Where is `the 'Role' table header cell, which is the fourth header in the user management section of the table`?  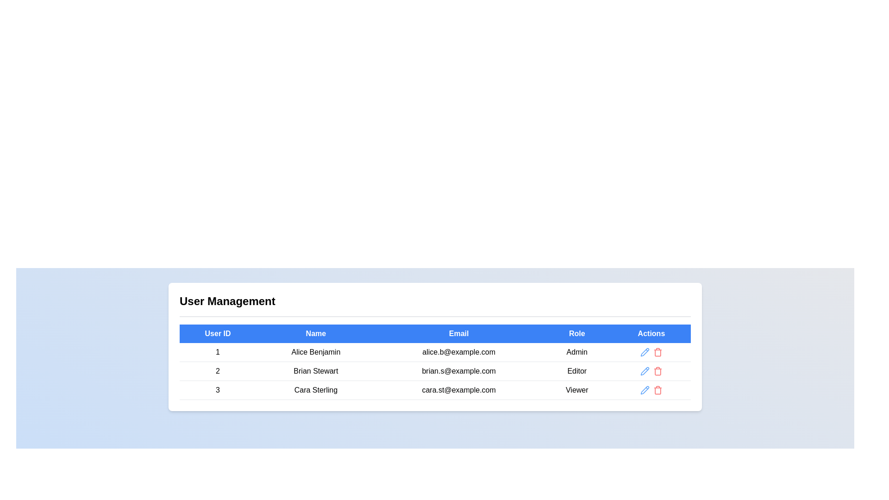
the 'Role' table header cell, which is the fourth header in the user management section of the table is located at coordinates (576, 334).